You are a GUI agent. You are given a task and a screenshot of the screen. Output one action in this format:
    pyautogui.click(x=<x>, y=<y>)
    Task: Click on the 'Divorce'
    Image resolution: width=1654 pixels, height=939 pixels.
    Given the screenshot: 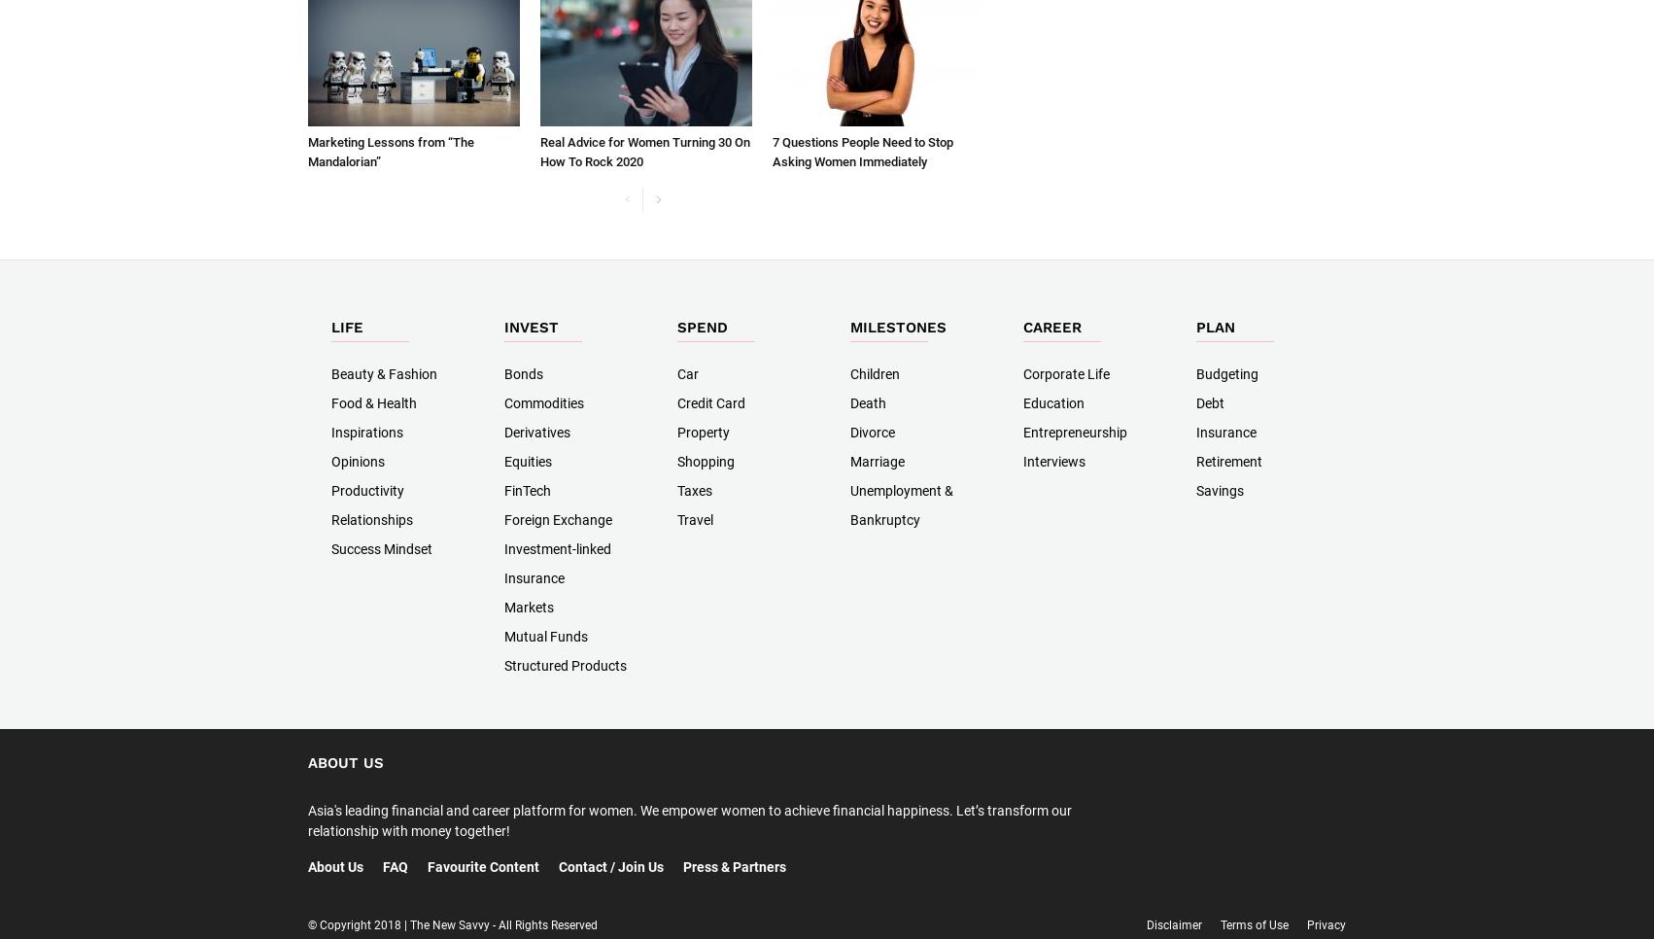 What is the action you would take?
    pyautogui.click(x=872, y=432)
    